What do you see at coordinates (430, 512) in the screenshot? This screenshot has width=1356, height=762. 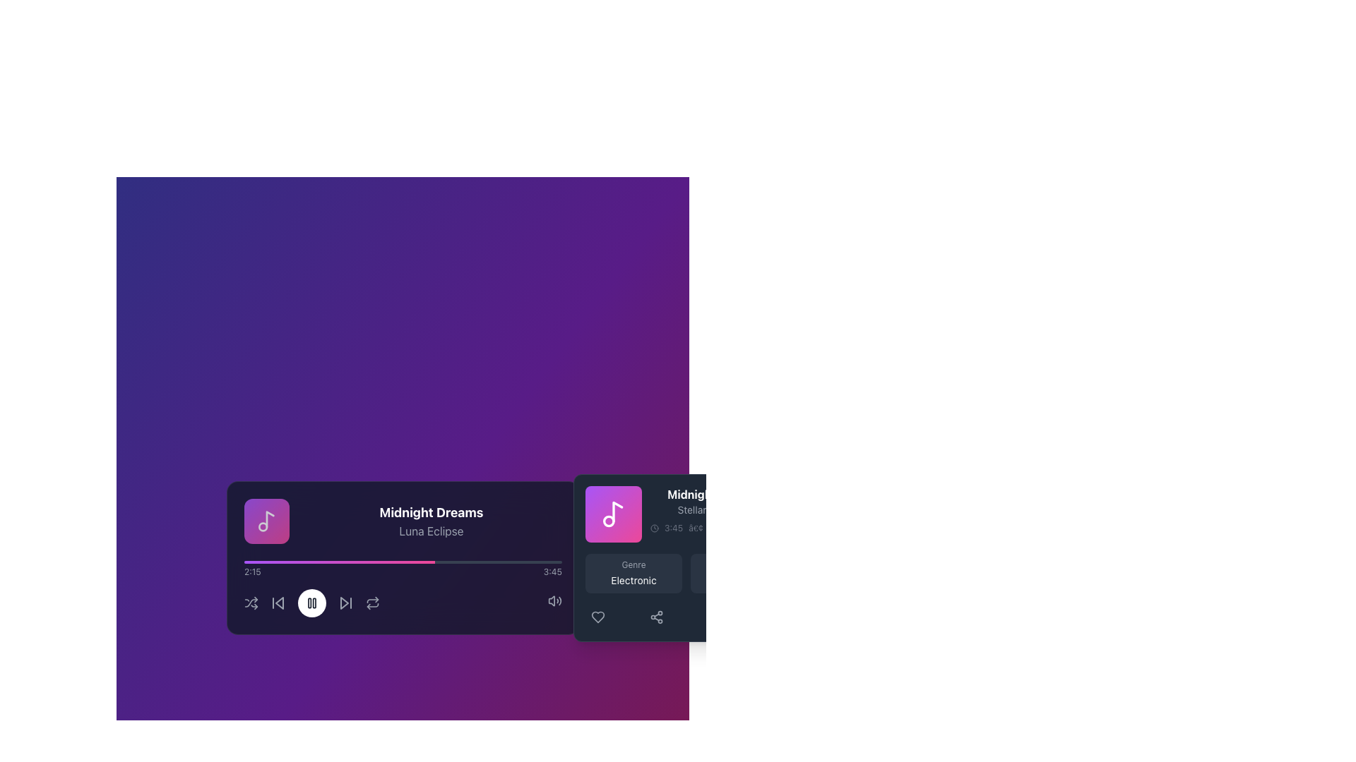 I see `the Text label displaying the title of the currently playing media, which is positioned above the text 'Luna Eclipse' in the media control interface` at bounding box center [430, 512].